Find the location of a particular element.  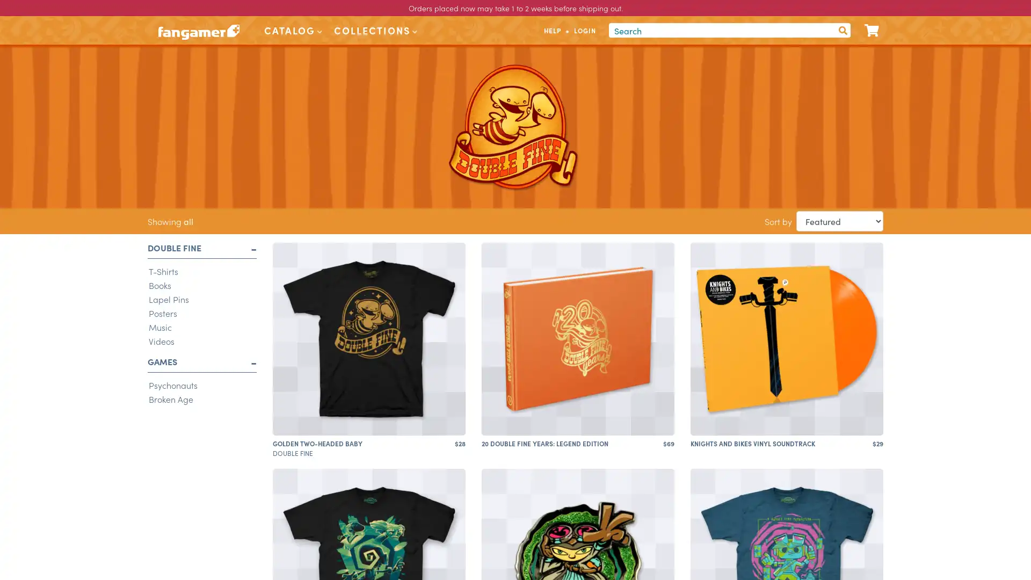

Submit Search is located at coordinates (842, 30).